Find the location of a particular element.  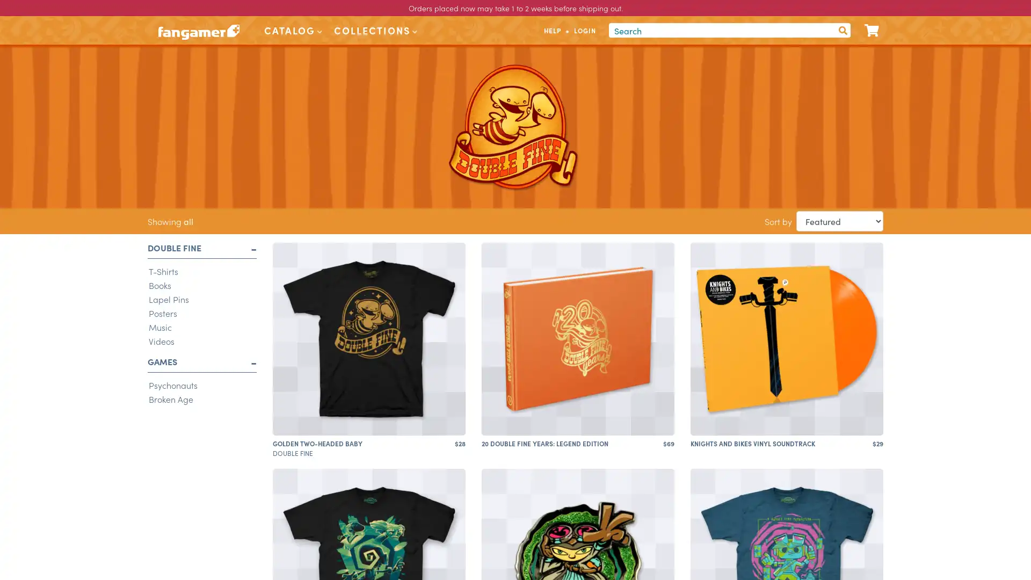

Submit Search is located at coordinates (842, 30).